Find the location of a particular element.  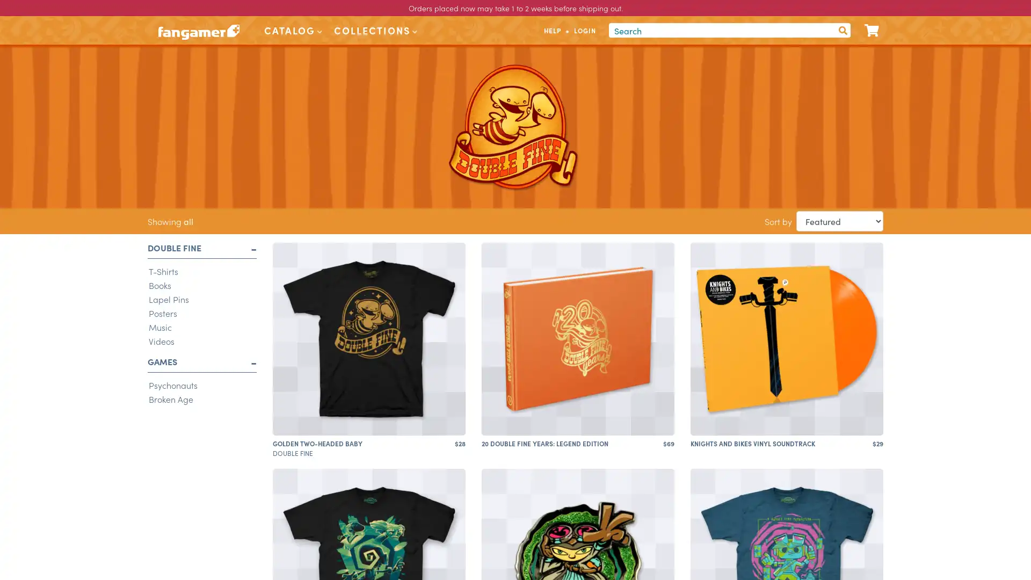

Submit Search is located at coordinates (842, 30).